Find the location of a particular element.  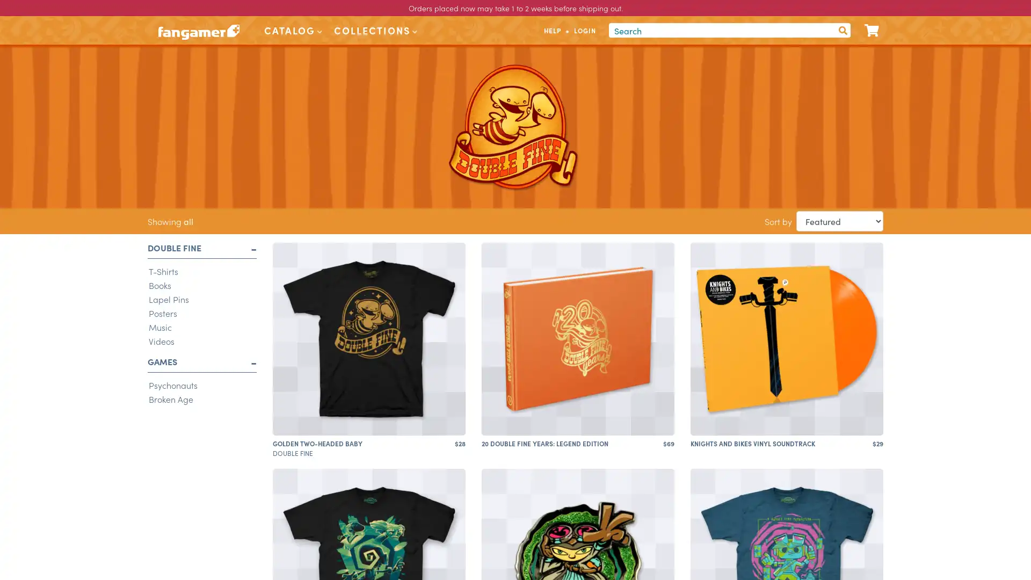

Submit Search is located at coordinates (842, 30).